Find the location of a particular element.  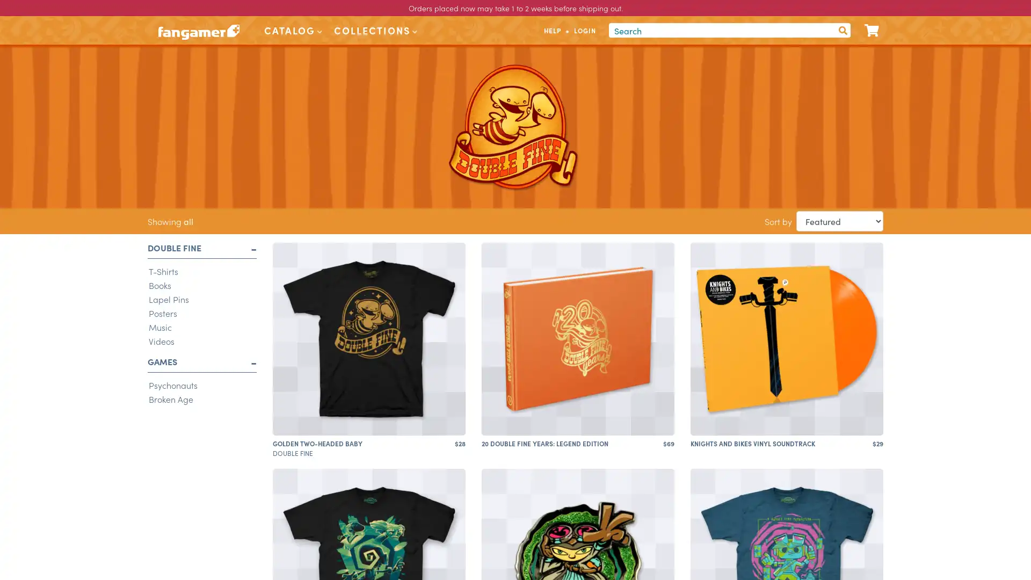

Submit Search is located at coordinates (842, 30).